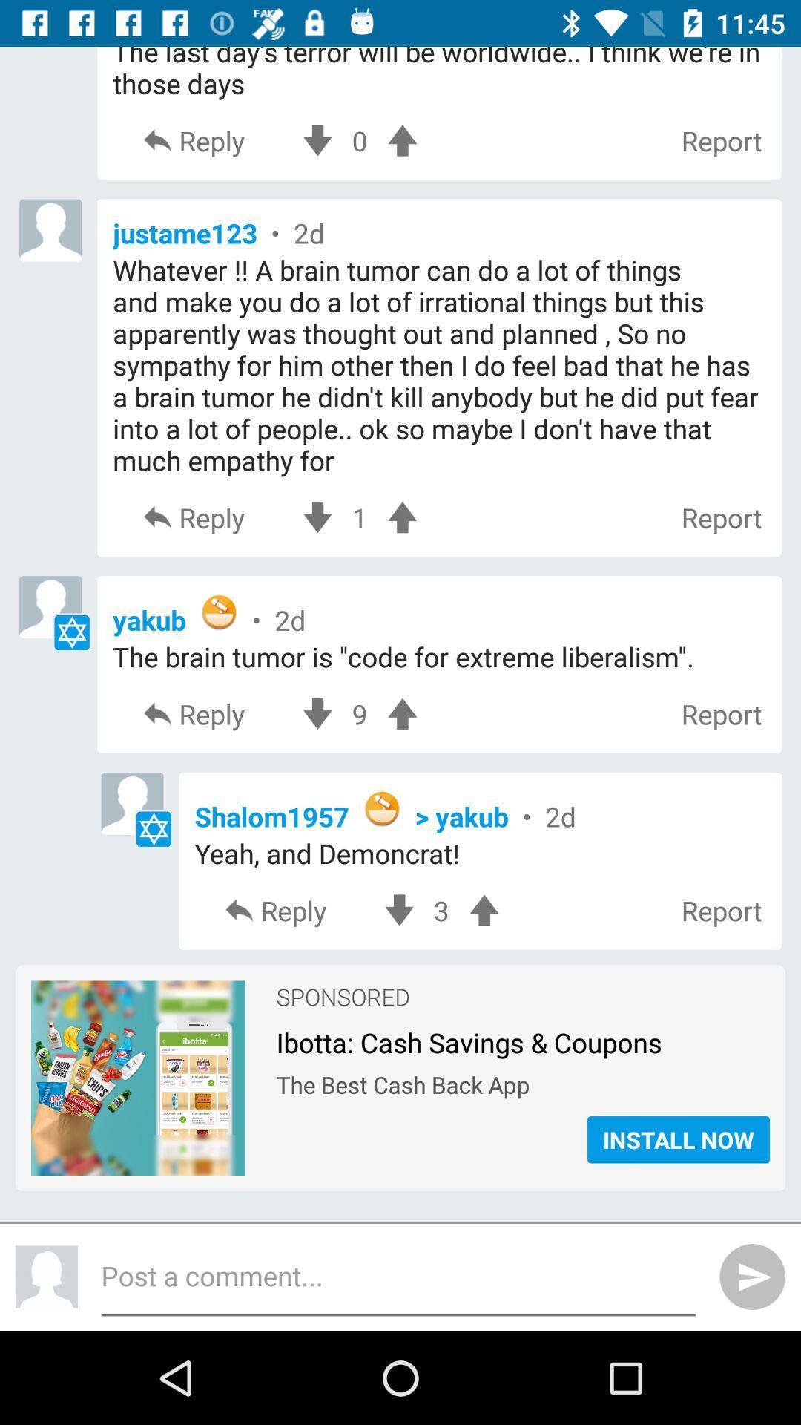 This screenshot has width=801, height=1425. Describe the element at coordinates (480, 810) in the screenshot. I see `the item below reply item` at that location.